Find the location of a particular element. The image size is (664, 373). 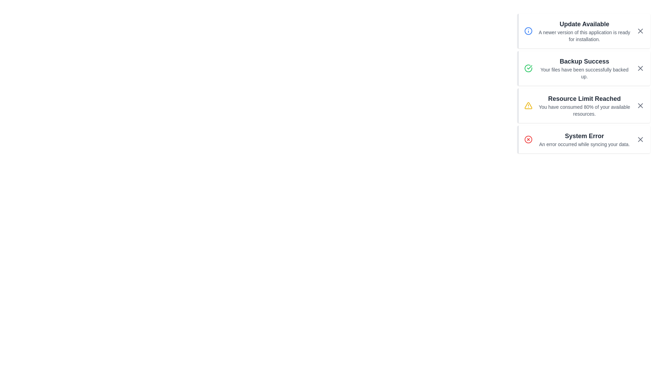

the close button located at the bottom right of the alert message is located at coordinates (640, 140).